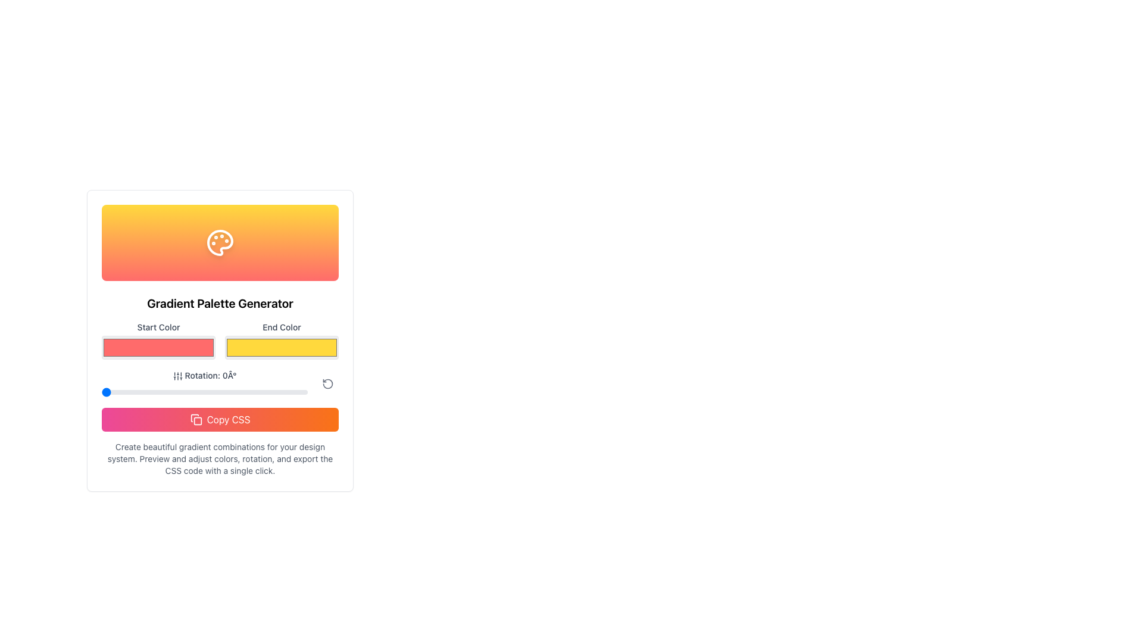 The image size is (1143, 643). What do you see at coordinates (328, 383) in the screenshot?
I see `the rotation/reset icon located within the circular button at the bottom-right of the 'Gradient Palette Generator' interface card` at bounding box center [328, 383].